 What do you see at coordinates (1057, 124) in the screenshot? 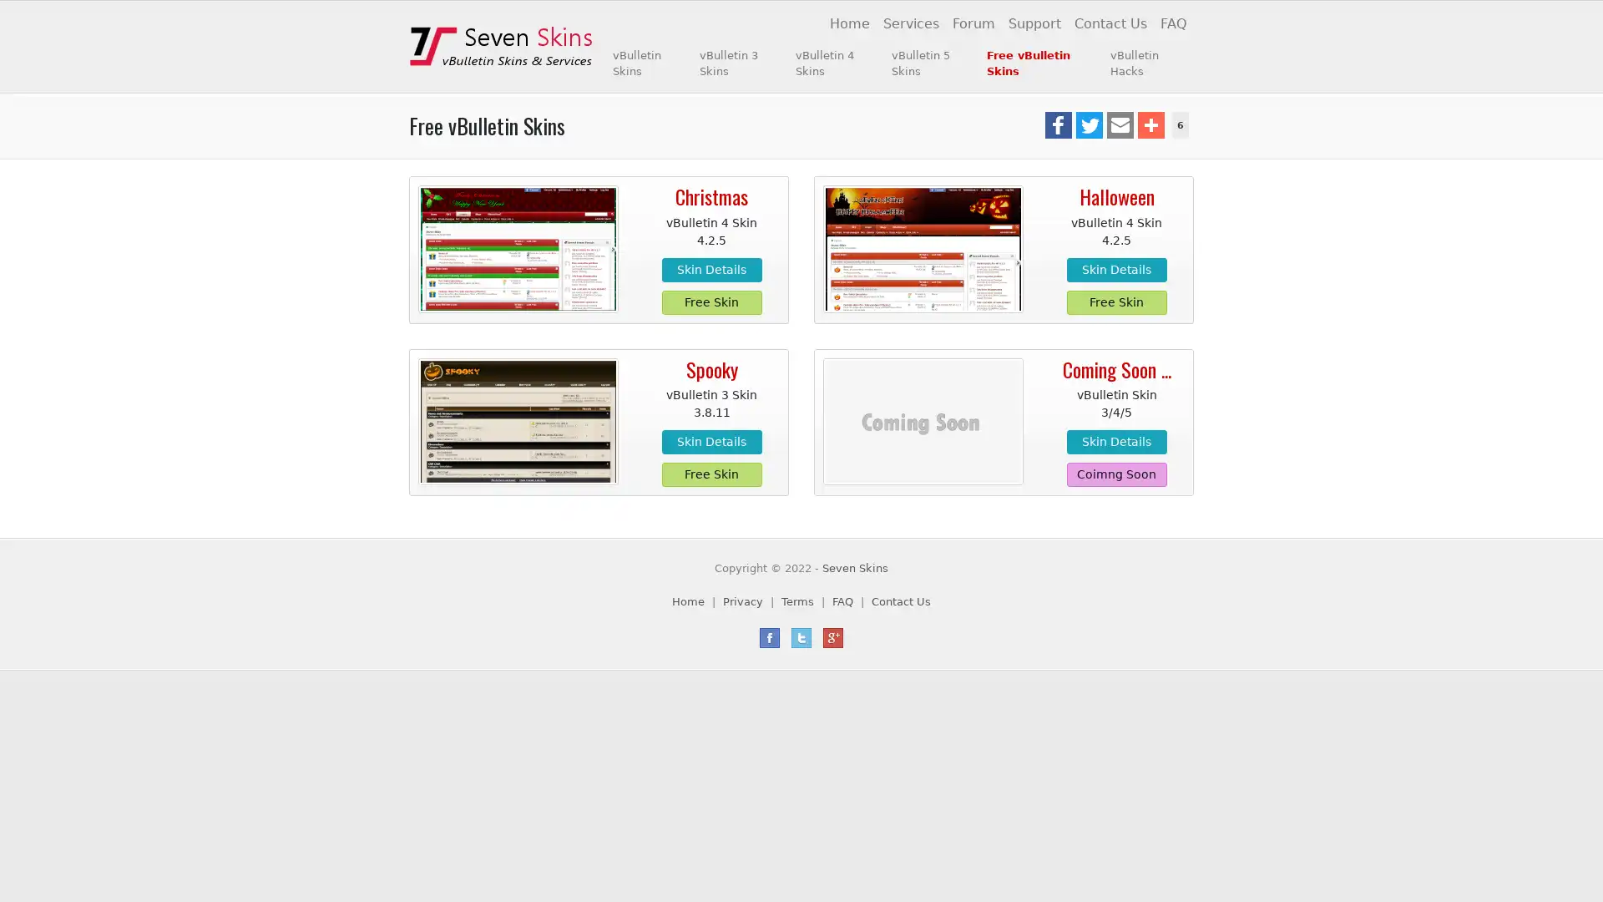
I see `Share to Facebook` at bounding box center [1057, 124].